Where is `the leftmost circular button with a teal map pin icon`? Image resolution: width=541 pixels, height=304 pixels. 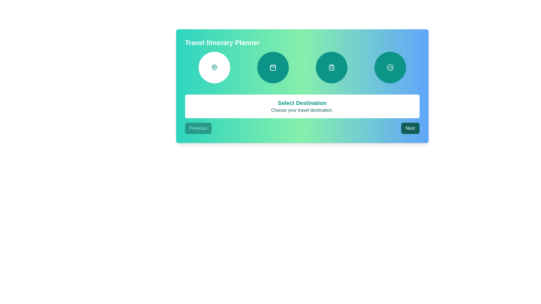
the leftmost circular button with a teal map pin icon is located at coordinates (214, 67).